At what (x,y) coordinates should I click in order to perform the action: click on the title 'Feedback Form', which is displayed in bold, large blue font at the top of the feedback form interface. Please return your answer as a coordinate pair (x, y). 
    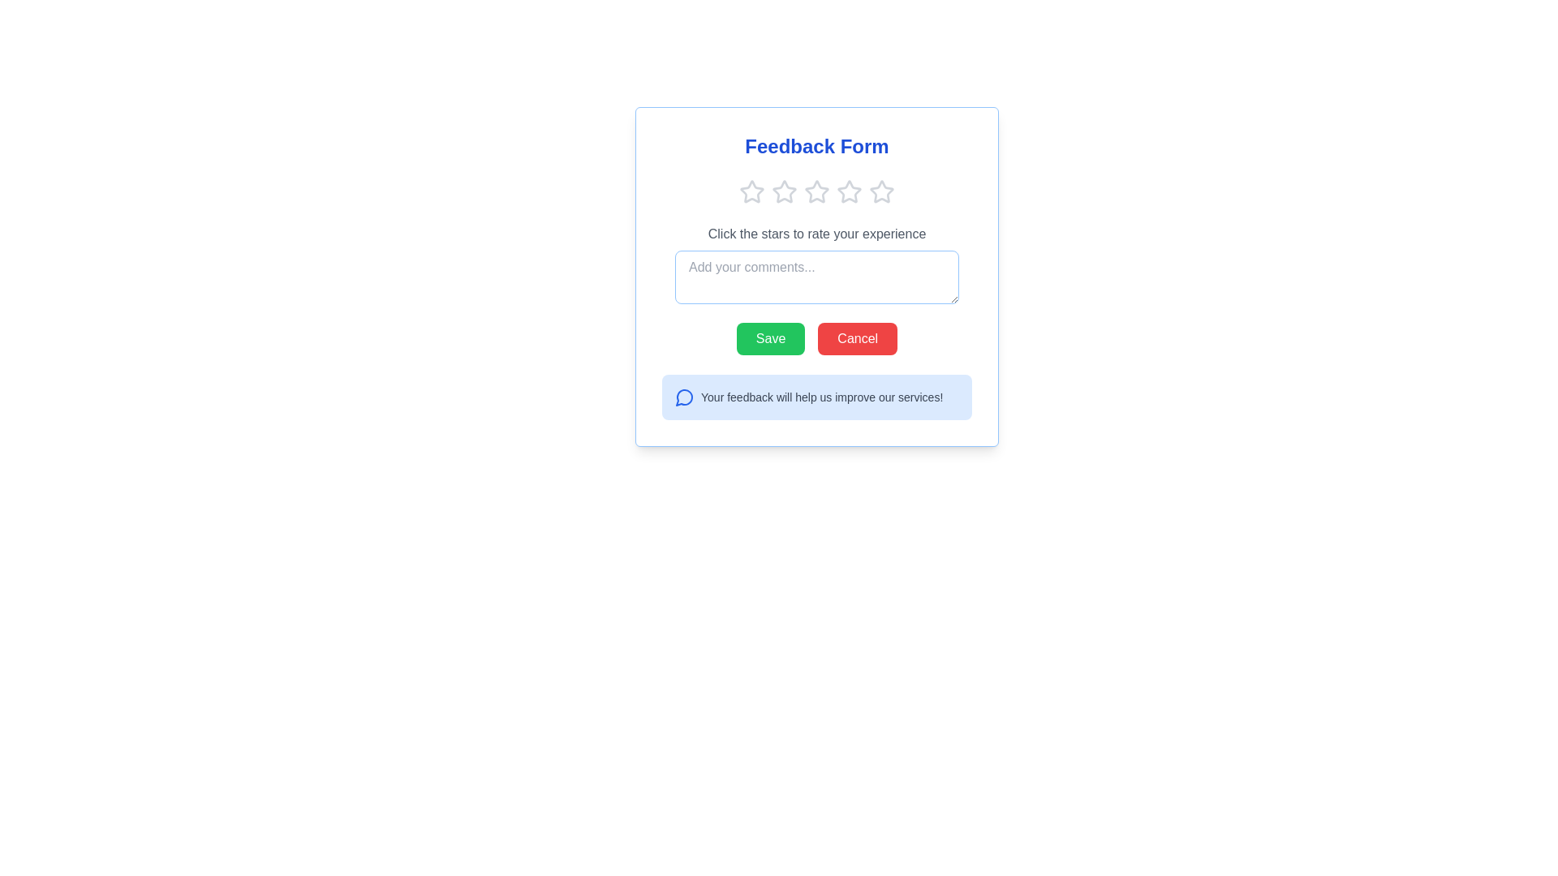
    Looking at the image, I should click on (817, 147).